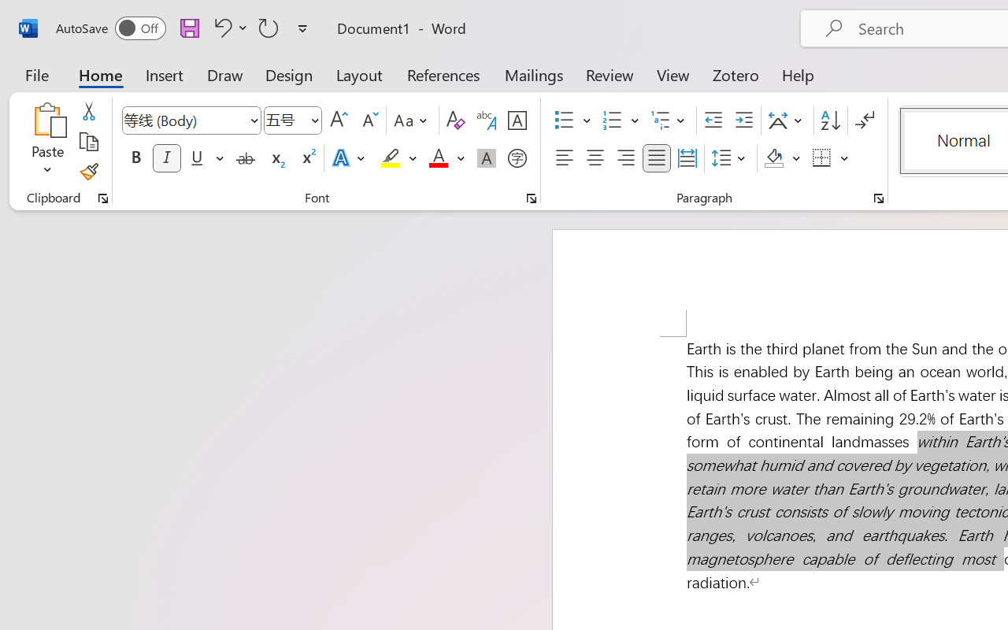 The width and height of the screenshot is (1008, 630). Describe the element at coordinates (486, 158) in the screenshot. I see `'Character Shading'` at that location.